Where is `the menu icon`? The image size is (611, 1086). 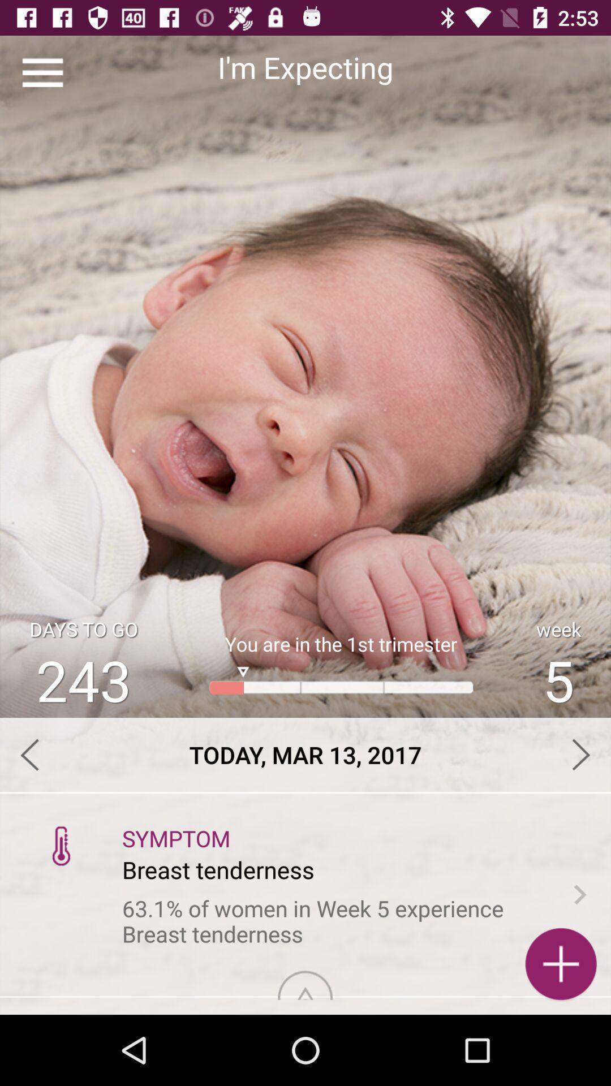
the menu icon is located at coordinates (42, 72).